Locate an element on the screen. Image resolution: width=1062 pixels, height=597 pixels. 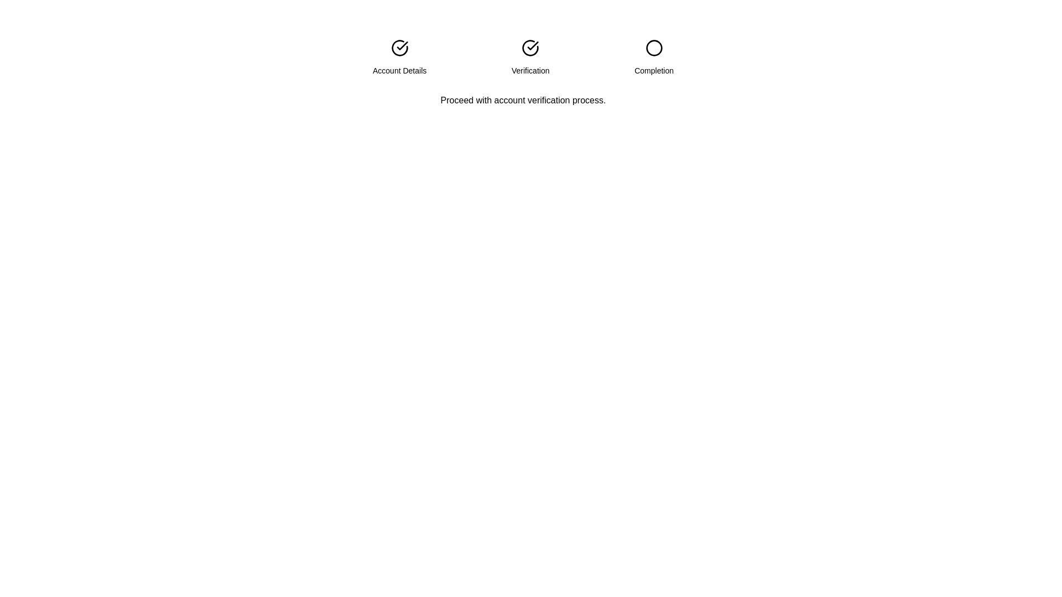
descriptive label located directly beneath the checkmark in the step-wise process area, aligned with the first step icon is located at coordinates (399, 70).